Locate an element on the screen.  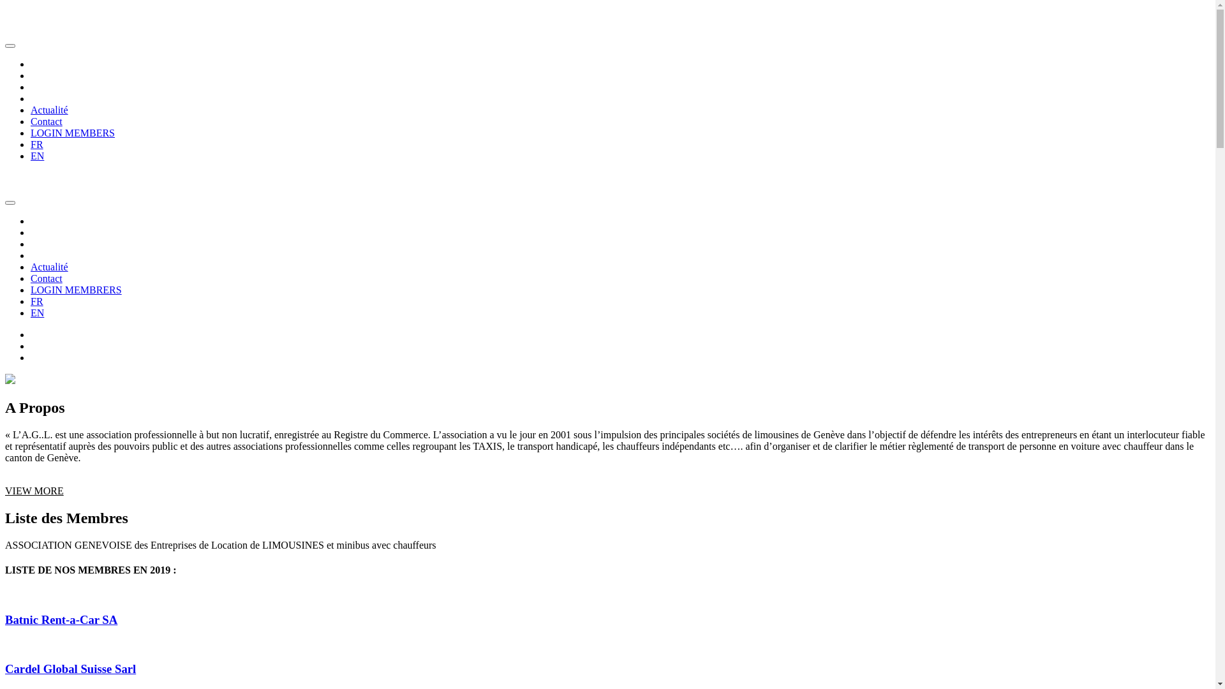
'VIEW MORE' is located at coordinates (34, 490).